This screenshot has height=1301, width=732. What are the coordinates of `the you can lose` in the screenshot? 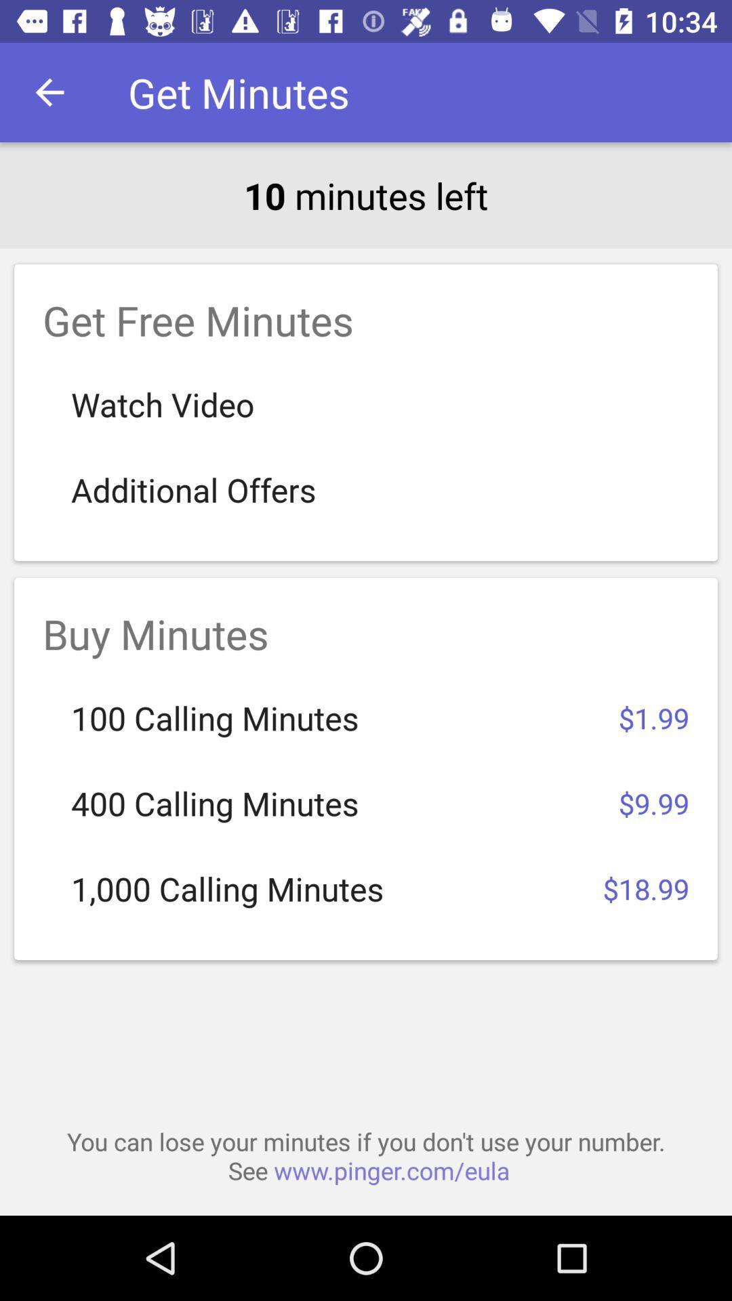 It's located at (366, 1155).